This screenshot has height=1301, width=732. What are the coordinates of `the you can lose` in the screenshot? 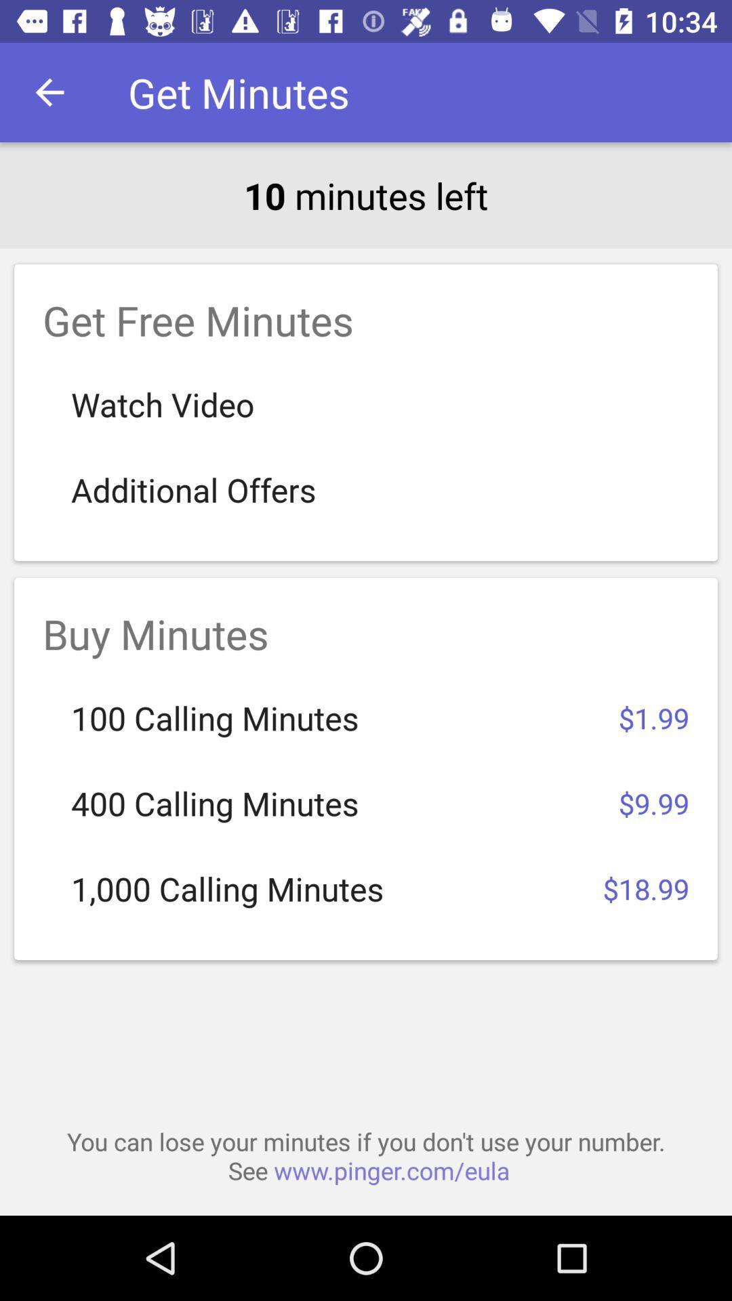 It's located at (366, 1155).